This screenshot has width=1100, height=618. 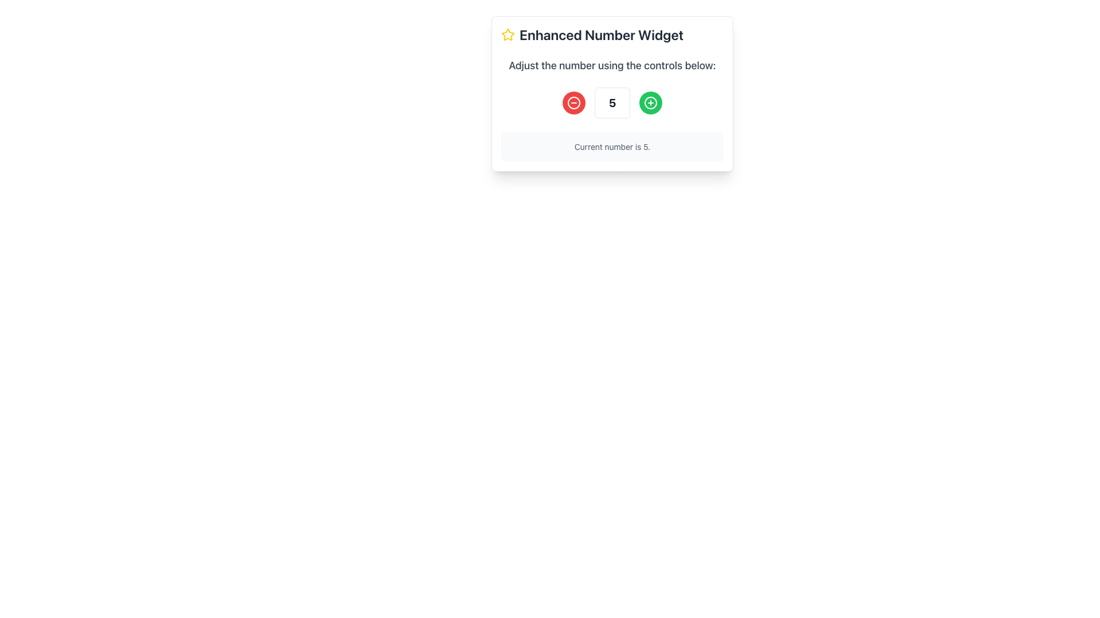 What do you see at coordinates (508, 34) in the screenshot?
I see `the star icon associated with the 'Enhanced Number Widget' heading, which is the first element in a horizontal layout group at the top of the widget interface` at bounding box center [508, 34].